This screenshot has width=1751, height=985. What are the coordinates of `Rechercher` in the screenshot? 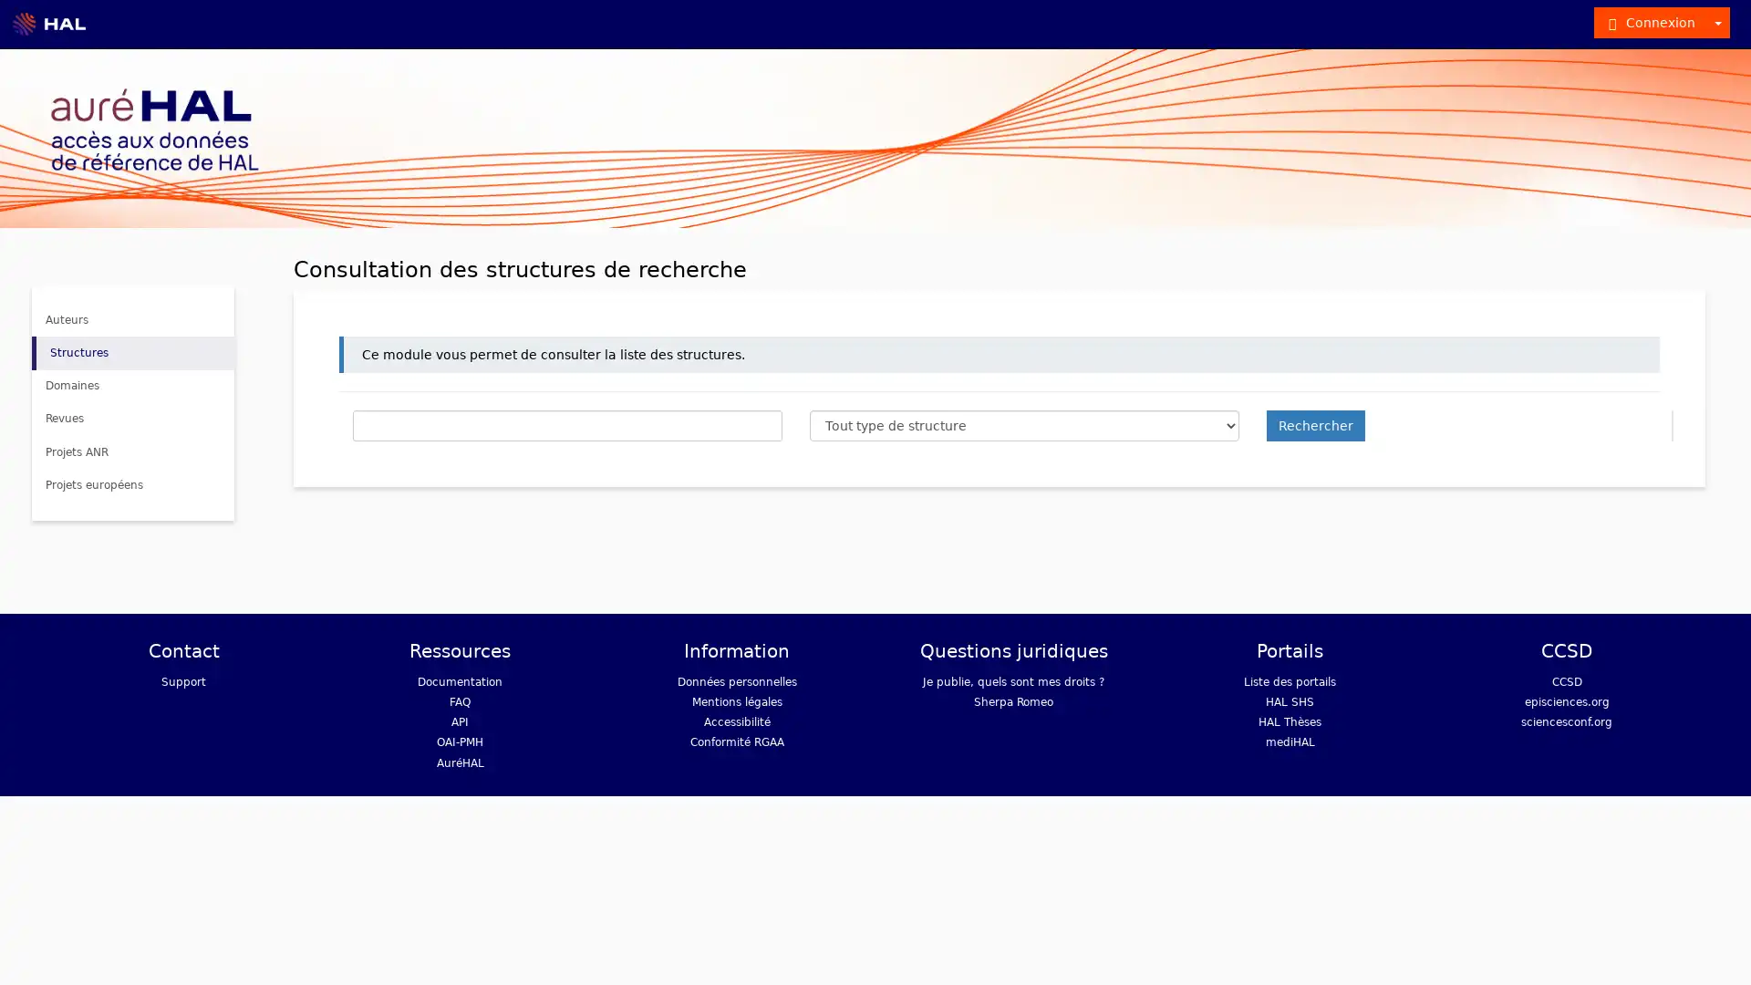 It's located at (1314, 425).